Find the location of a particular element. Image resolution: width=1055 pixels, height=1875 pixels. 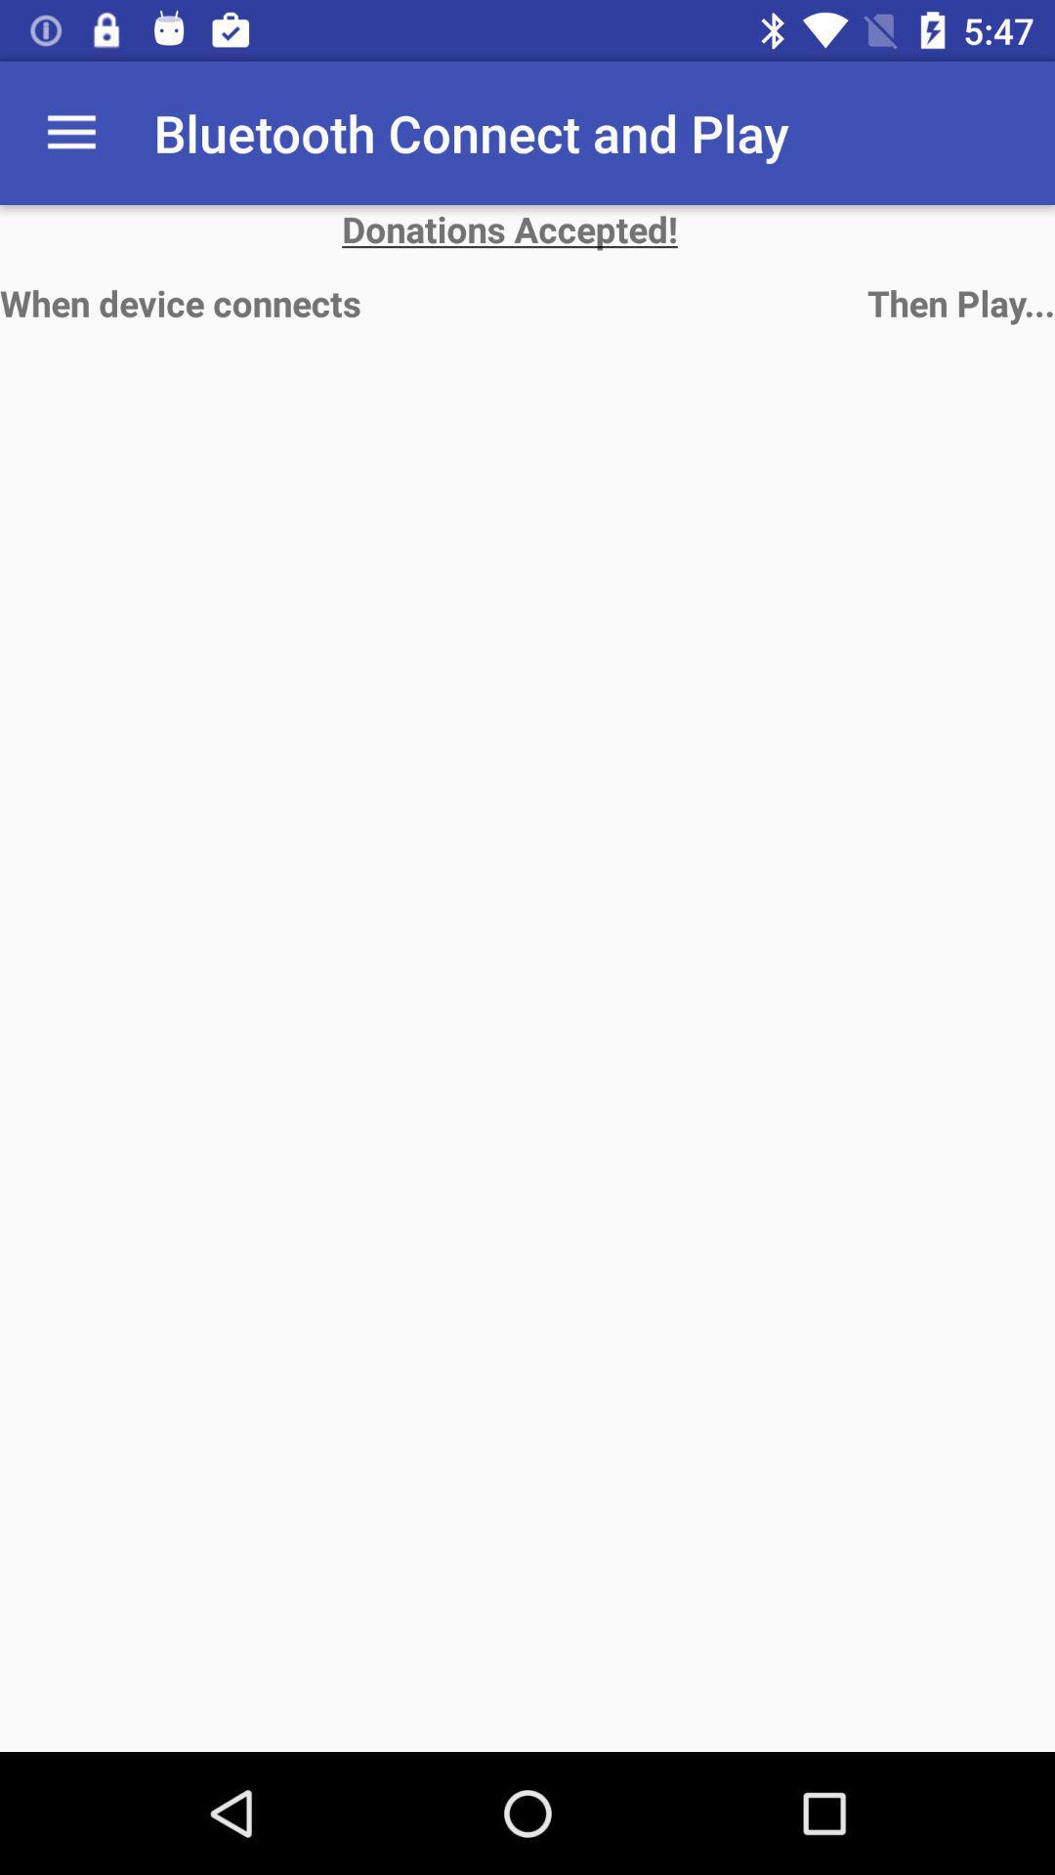

app below the bluetooth connect and icon is located at coordinates (527, 229).